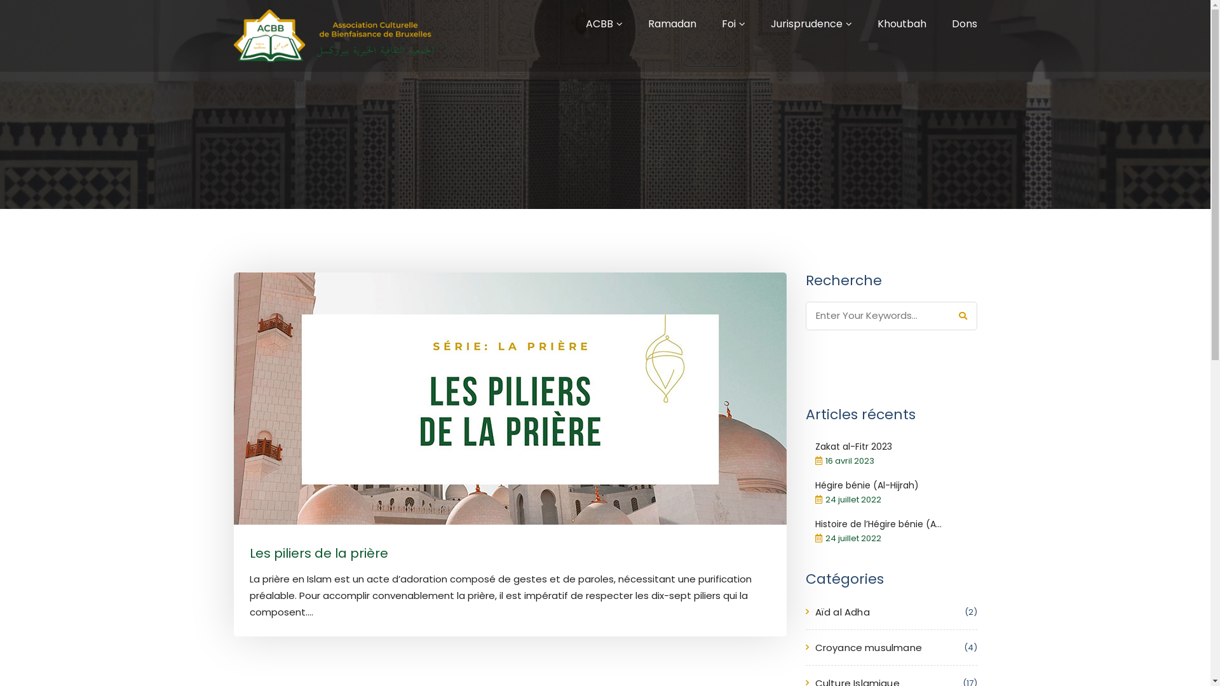  What do you see at coordinates (964, 24) in the screenshot?
I see `'Dons'` at bounding box center [964, 24].